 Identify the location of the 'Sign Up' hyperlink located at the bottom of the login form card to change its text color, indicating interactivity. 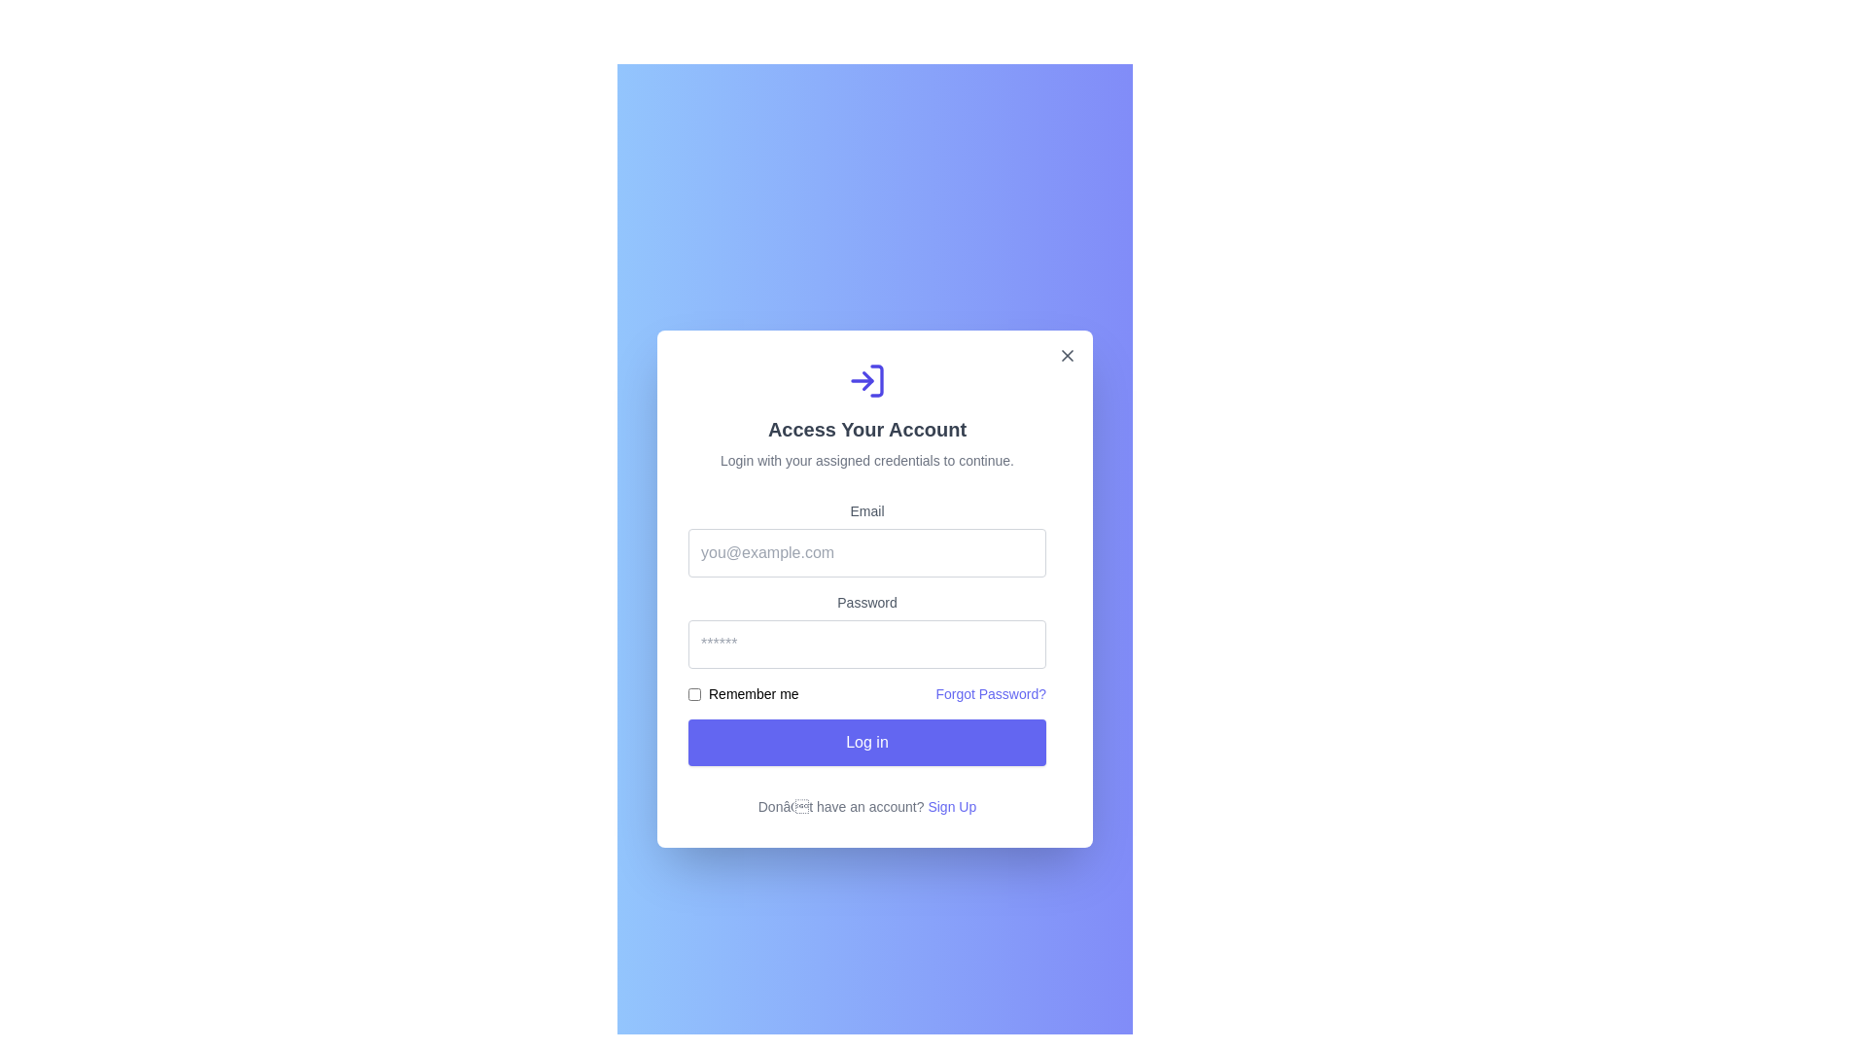
(952, 806).